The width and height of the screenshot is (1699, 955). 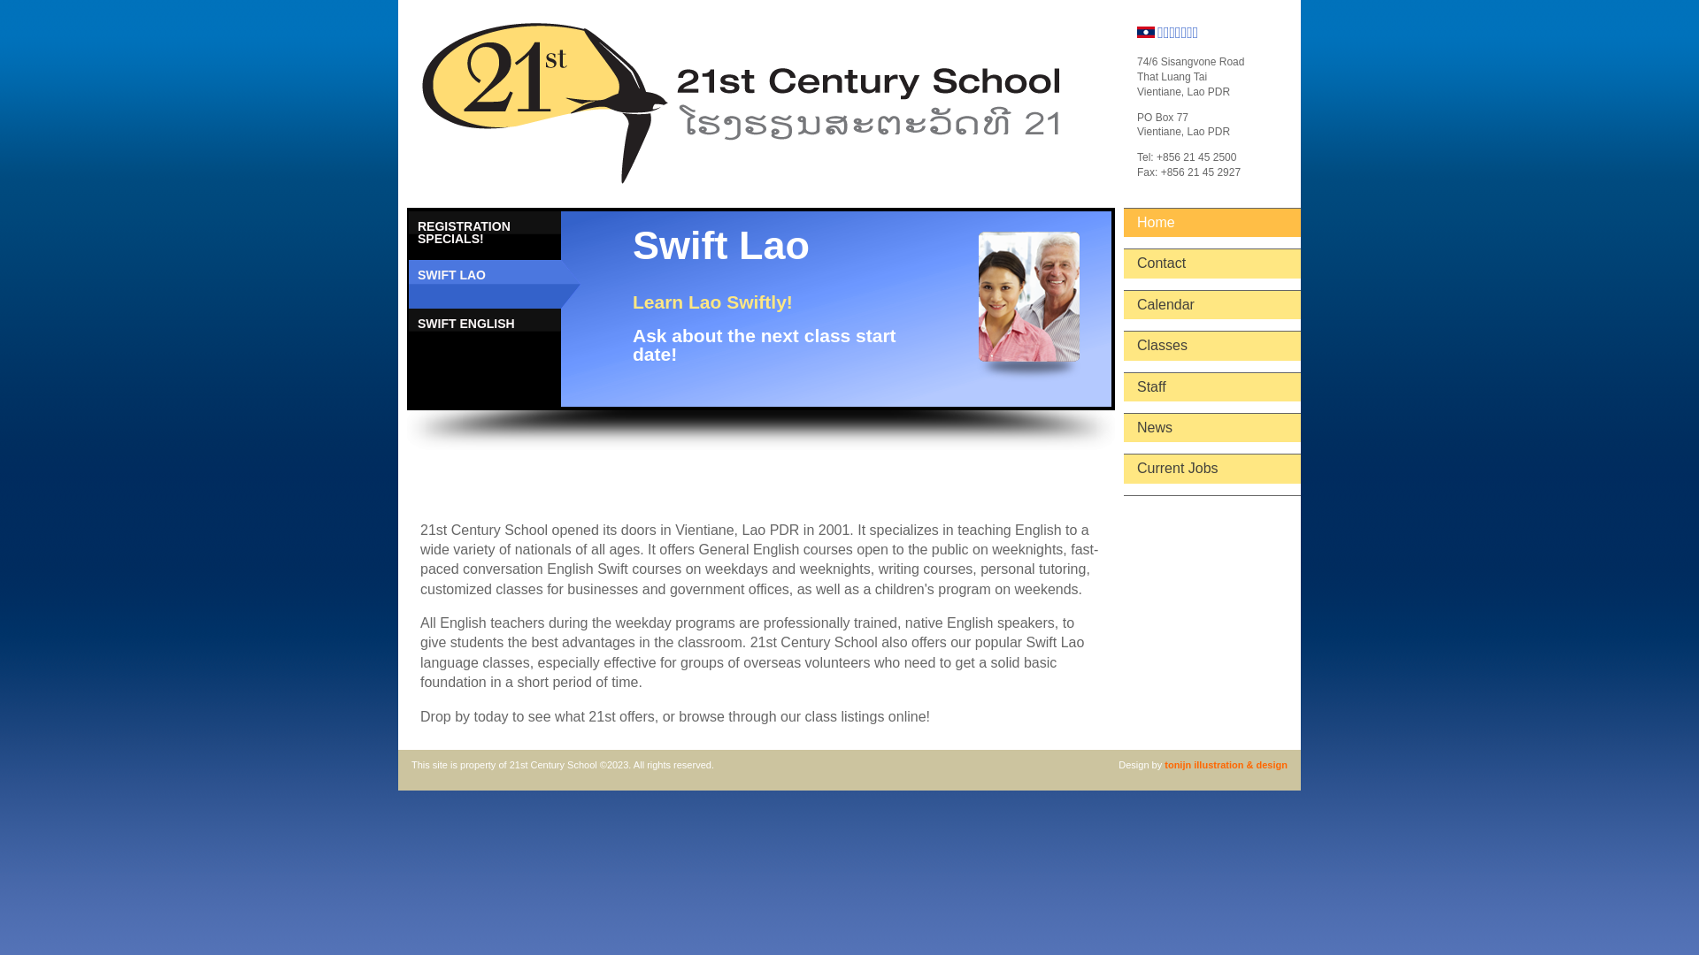 I want to click on 'Home', so click(x=1211, y=221).